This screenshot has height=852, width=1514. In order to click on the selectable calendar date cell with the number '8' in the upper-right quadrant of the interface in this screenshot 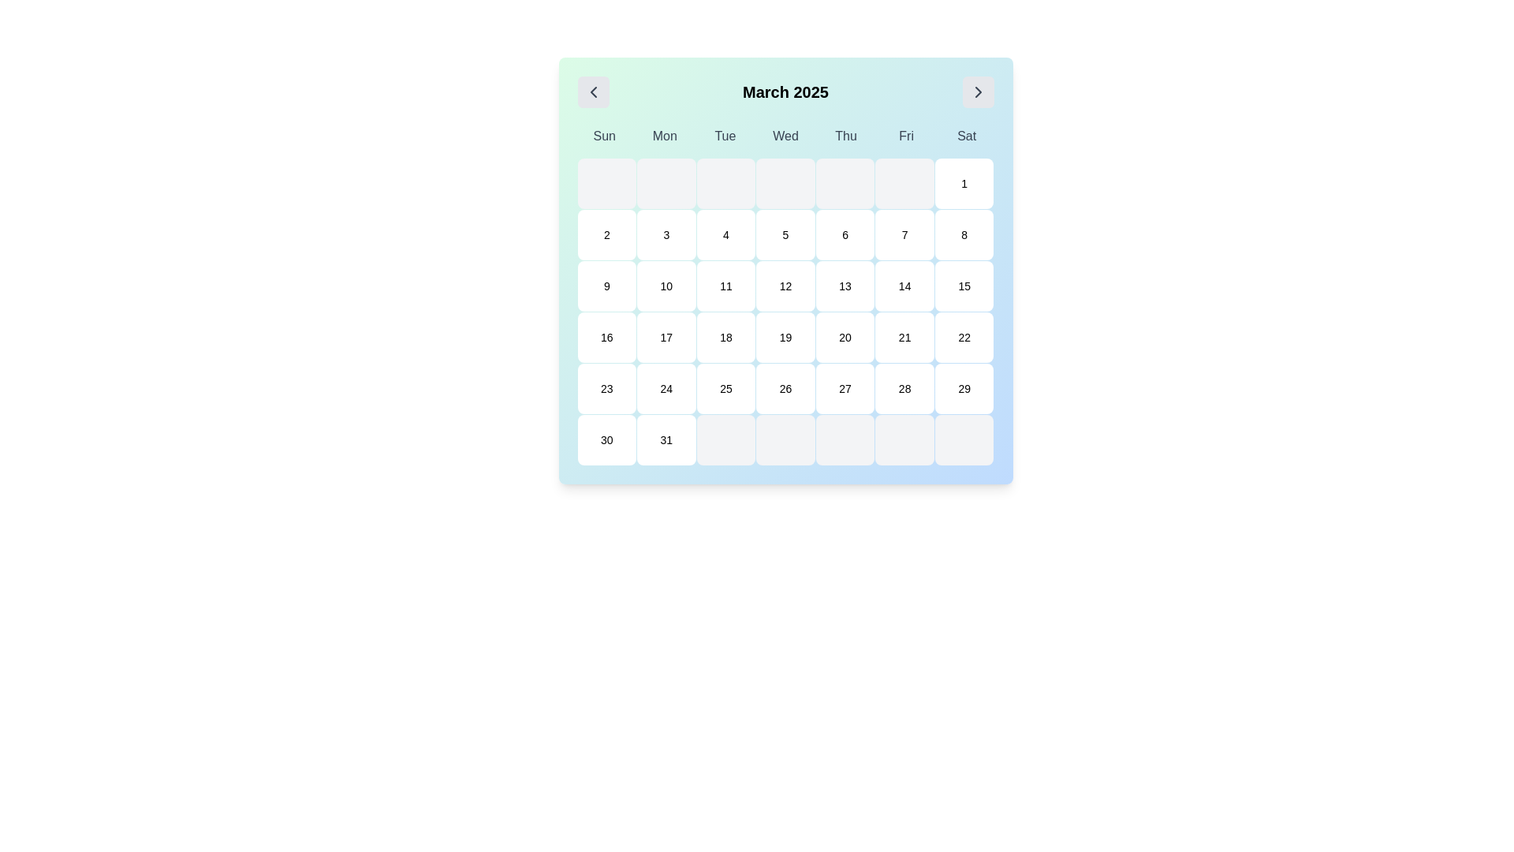, I will do `click(964, 234)`.